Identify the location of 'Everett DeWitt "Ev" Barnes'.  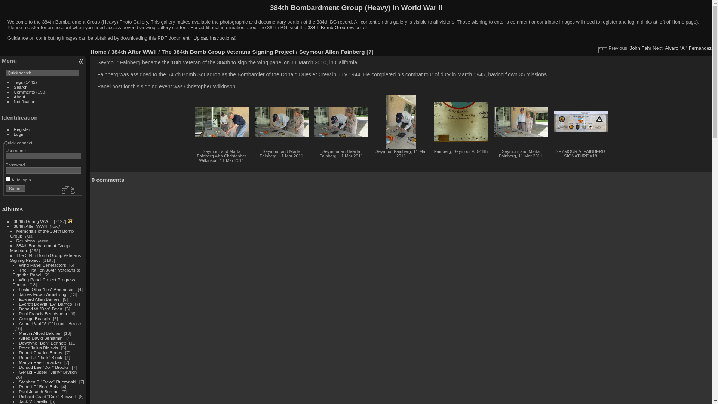
(45, 304).